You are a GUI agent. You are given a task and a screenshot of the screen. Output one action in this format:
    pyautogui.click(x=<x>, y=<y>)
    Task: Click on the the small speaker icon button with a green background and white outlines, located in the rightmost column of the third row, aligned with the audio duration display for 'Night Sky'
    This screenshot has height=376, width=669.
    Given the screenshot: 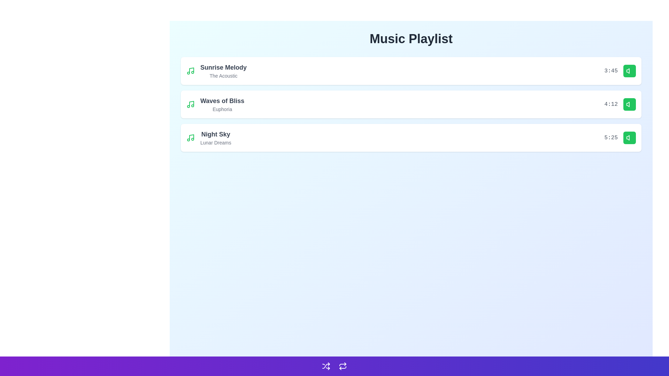 What is the action you would take?
    pyautogui.click(x=629, y=71)
    